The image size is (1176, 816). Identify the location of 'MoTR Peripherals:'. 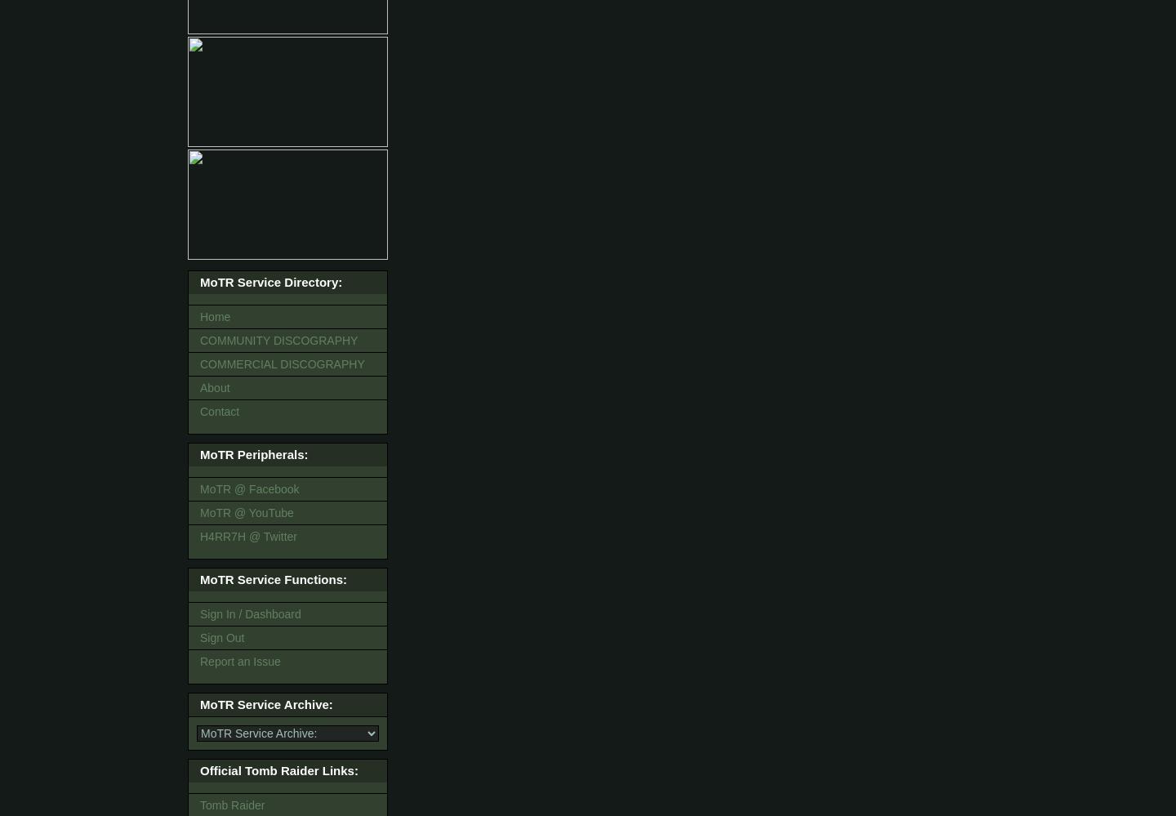
(254, 454).